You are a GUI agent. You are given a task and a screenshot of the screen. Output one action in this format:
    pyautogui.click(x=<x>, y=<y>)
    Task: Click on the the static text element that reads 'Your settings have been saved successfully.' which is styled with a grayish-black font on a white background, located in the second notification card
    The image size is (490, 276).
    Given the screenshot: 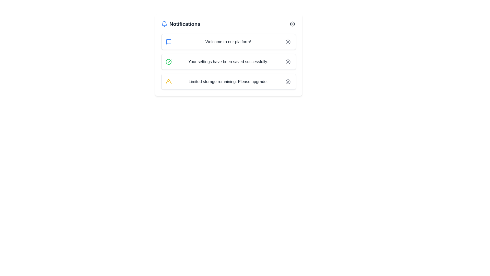 What is the action you would take?
    pyautogui.click(x=228, y=62)
    